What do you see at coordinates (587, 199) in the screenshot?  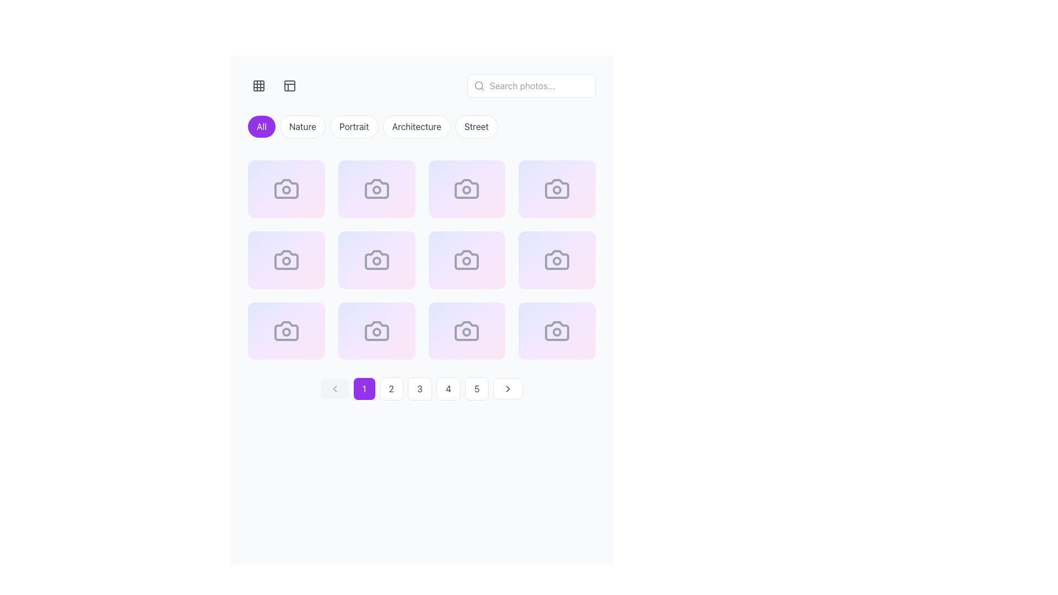 I see `the vector icon shaped like an eye located in the top-right corner of a grid cell` at bounding box center [587, 199].